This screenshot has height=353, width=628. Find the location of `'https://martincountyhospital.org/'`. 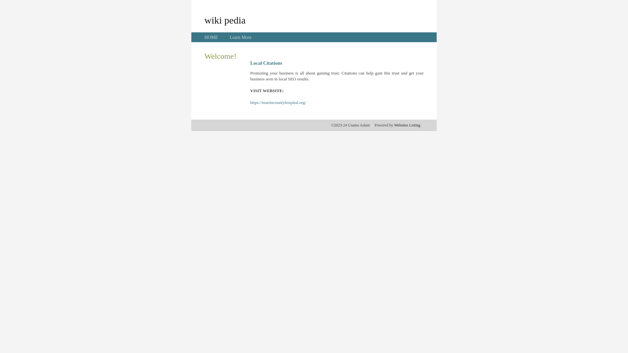

'https://martincountyhospital.org/' is located at coordinates (278, 102).